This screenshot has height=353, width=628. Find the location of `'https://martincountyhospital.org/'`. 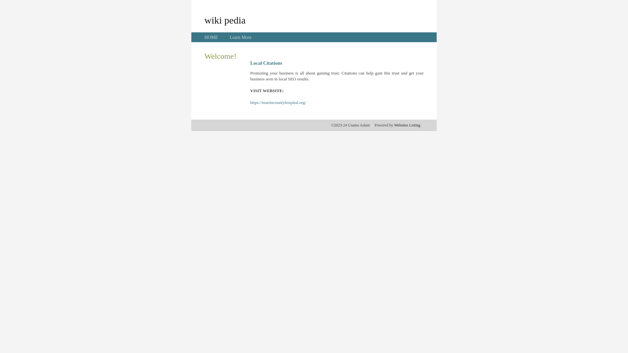

'https://martincountyhospital.org/' is located at coordinates (278, 102).